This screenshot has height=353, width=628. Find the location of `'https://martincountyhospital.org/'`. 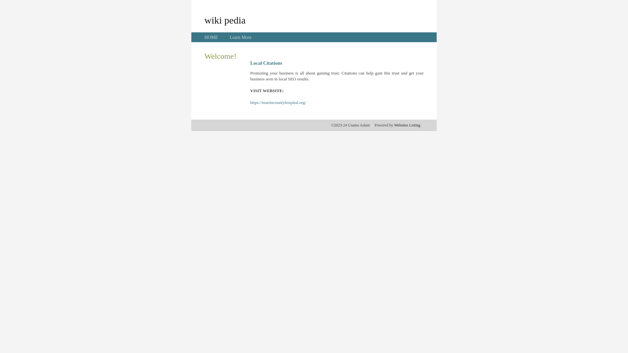

'https://martincountyhospital.org/' is located at coordinates (278, 102).